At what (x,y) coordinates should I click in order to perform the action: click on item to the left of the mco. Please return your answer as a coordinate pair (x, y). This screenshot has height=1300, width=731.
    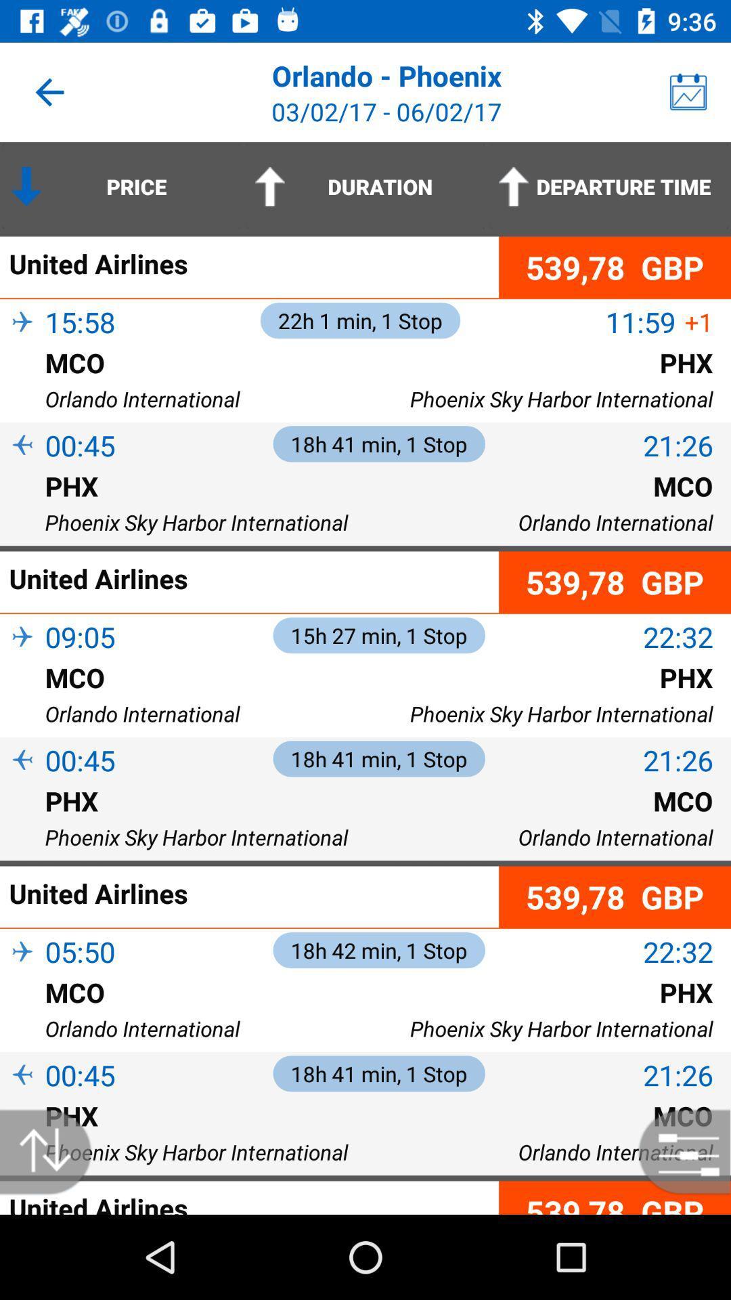
    Looking at the image, I should click on (22, 1014).